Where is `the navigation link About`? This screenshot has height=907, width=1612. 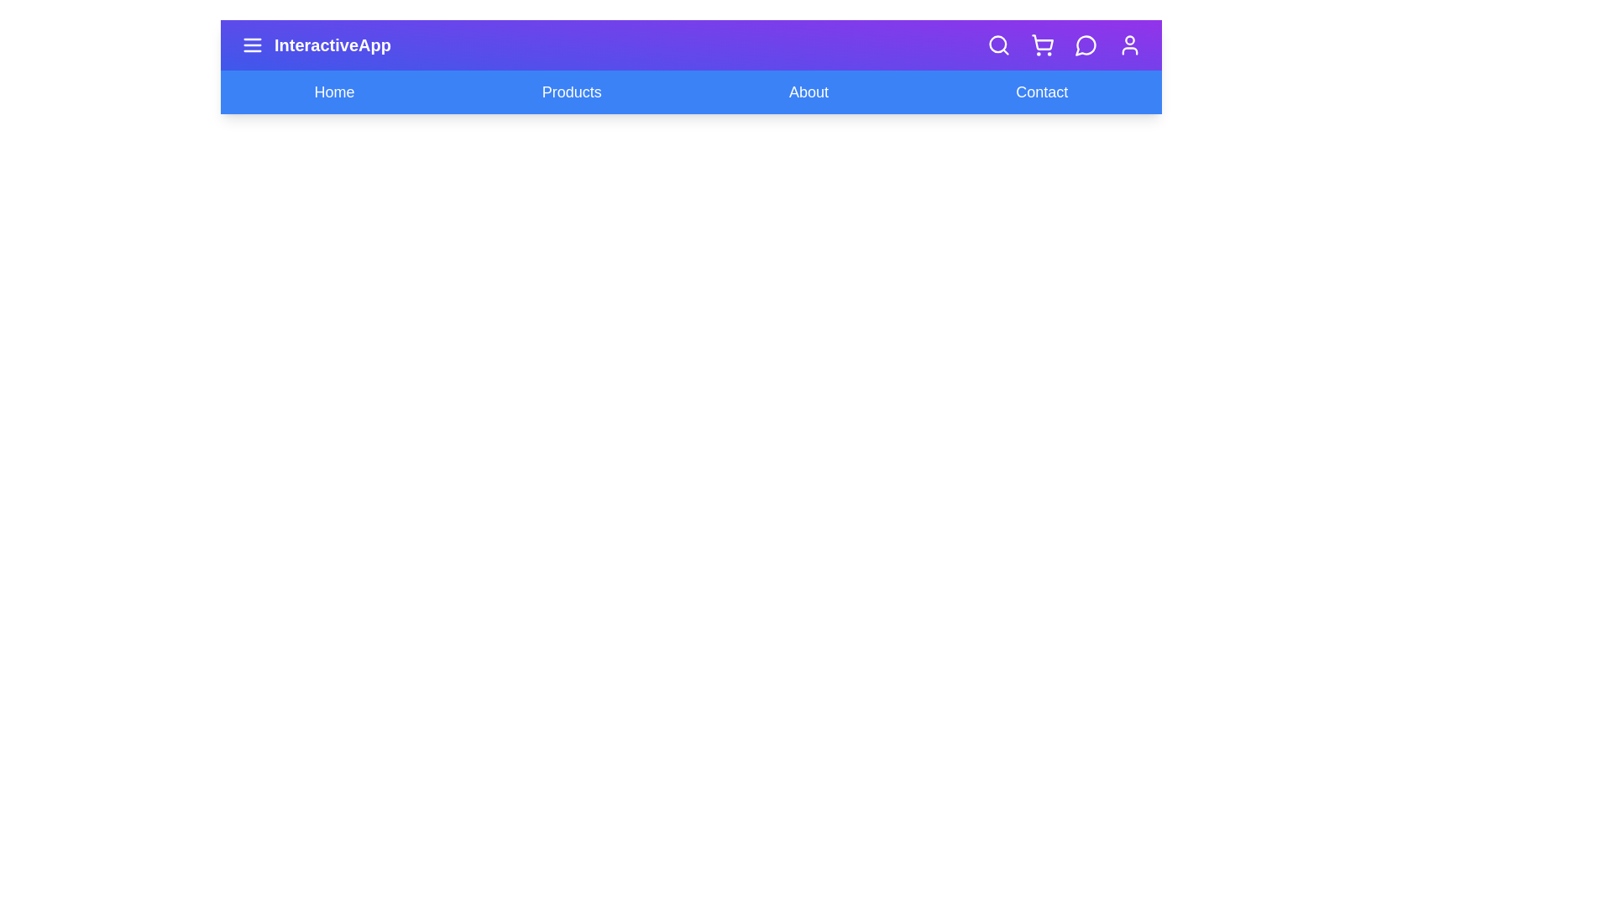 the navigation link About is located at coordinates (809, 92).